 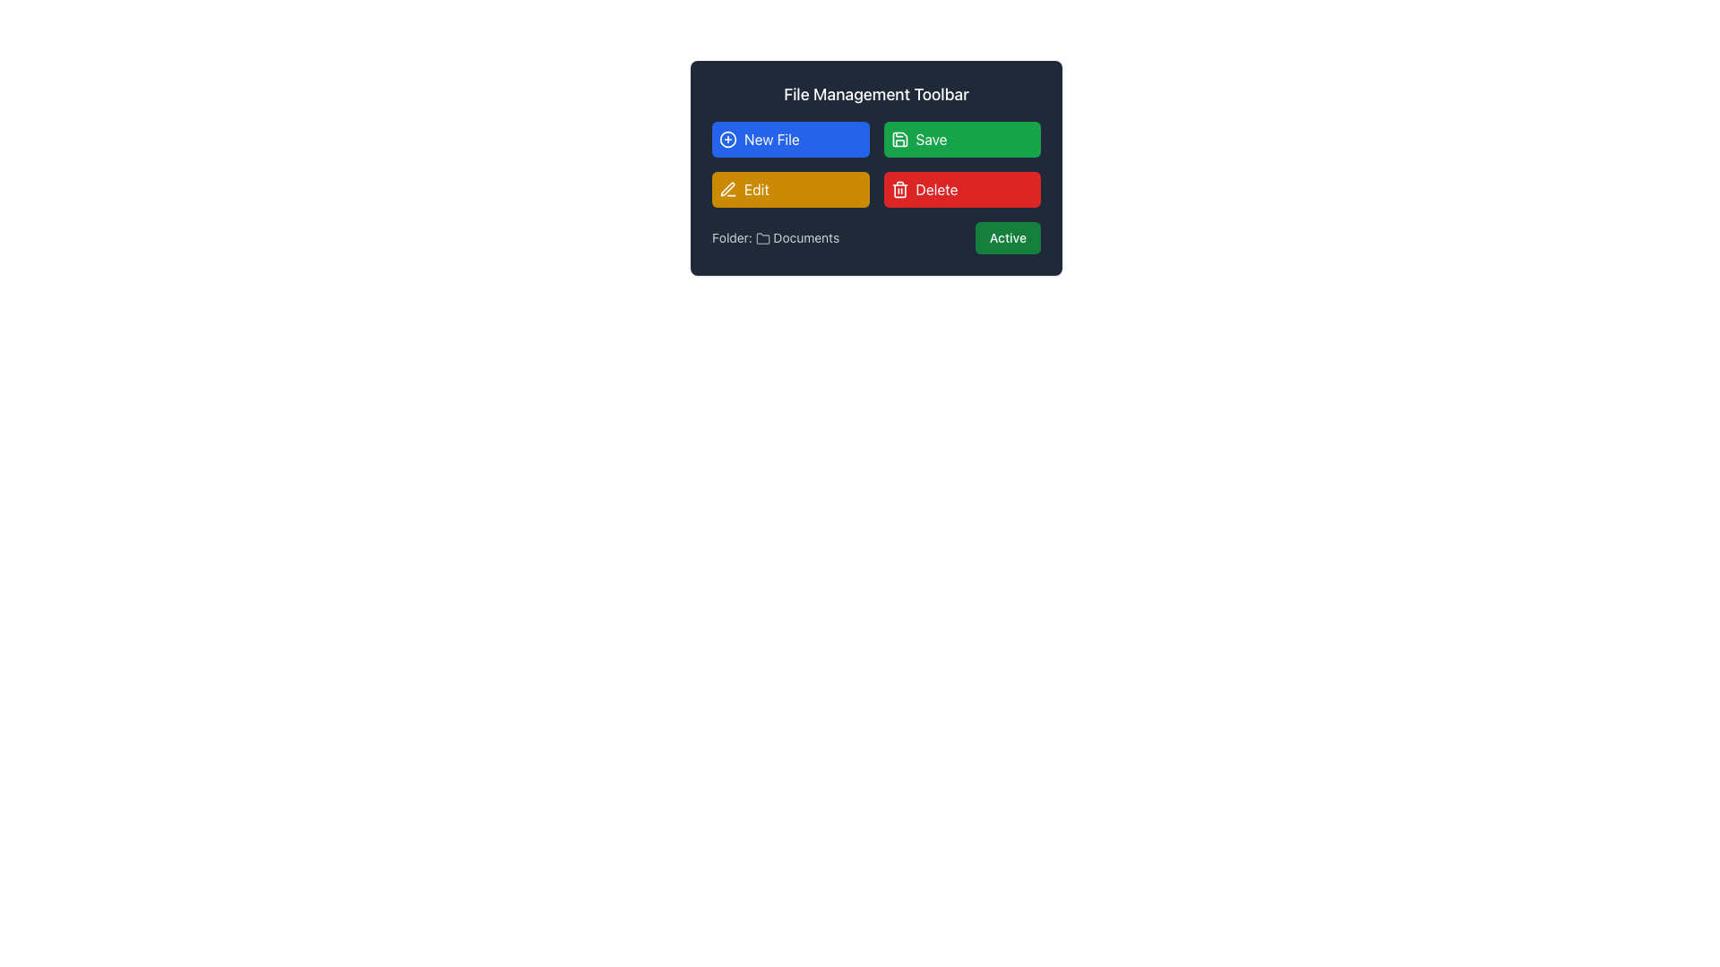 What do you see at coordinates (789, 138) in the screenshot?
I see `the primary action button for creating a new file located in the 'File Management Toolbar' to observe any hover effects` at bounding box center [789, 138].